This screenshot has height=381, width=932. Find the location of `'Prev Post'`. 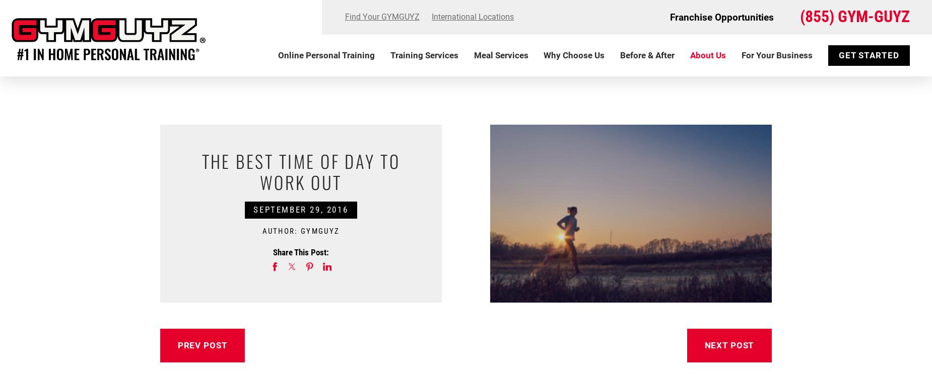

'Prev Post' is located at coordinates (202, 344).